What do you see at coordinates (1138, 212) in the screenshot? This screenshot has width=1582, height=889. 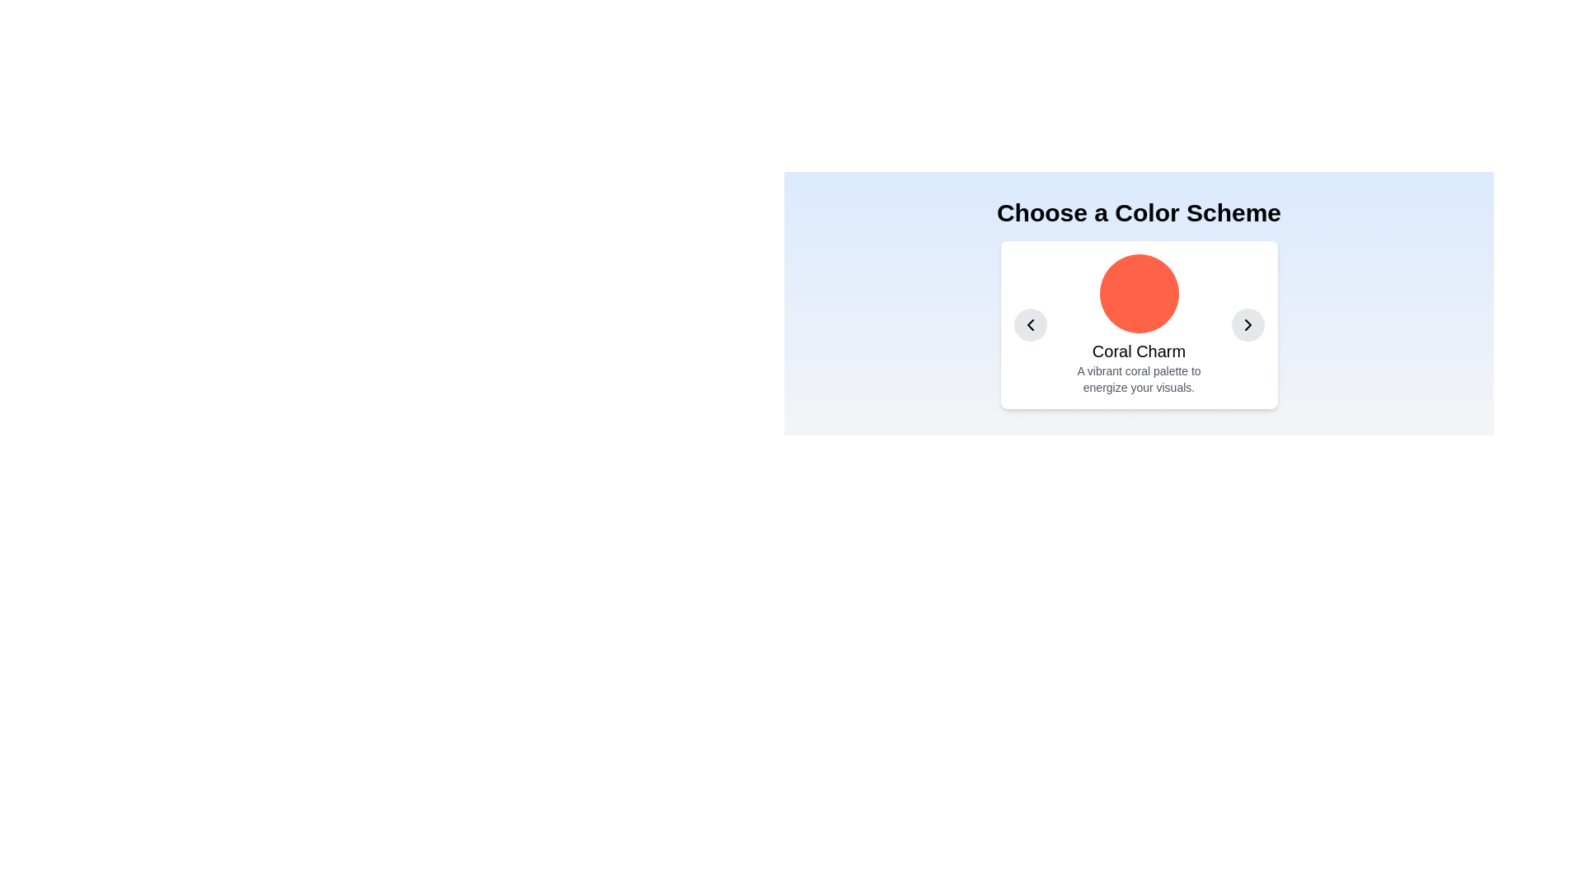 I see `the static text element that serves as the heading for the color scheme selection section, indicating its purpose or theme` at bounding box center [1138, 212].